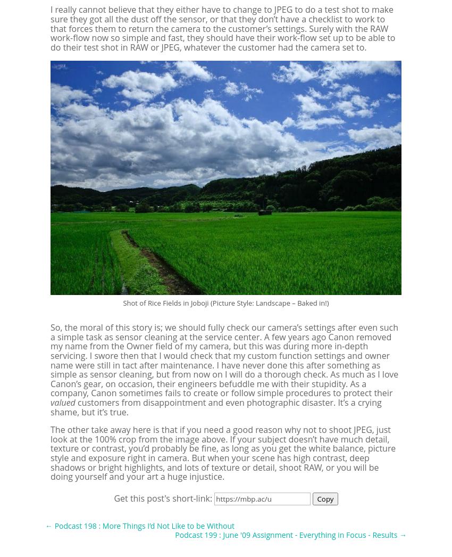  What do you see at coordinates (285, 535) in the screenshot?
I see `'Podcast 199 : June '09 Assignment - Everything in Focus - Results'` at bounding box center [285, 535].